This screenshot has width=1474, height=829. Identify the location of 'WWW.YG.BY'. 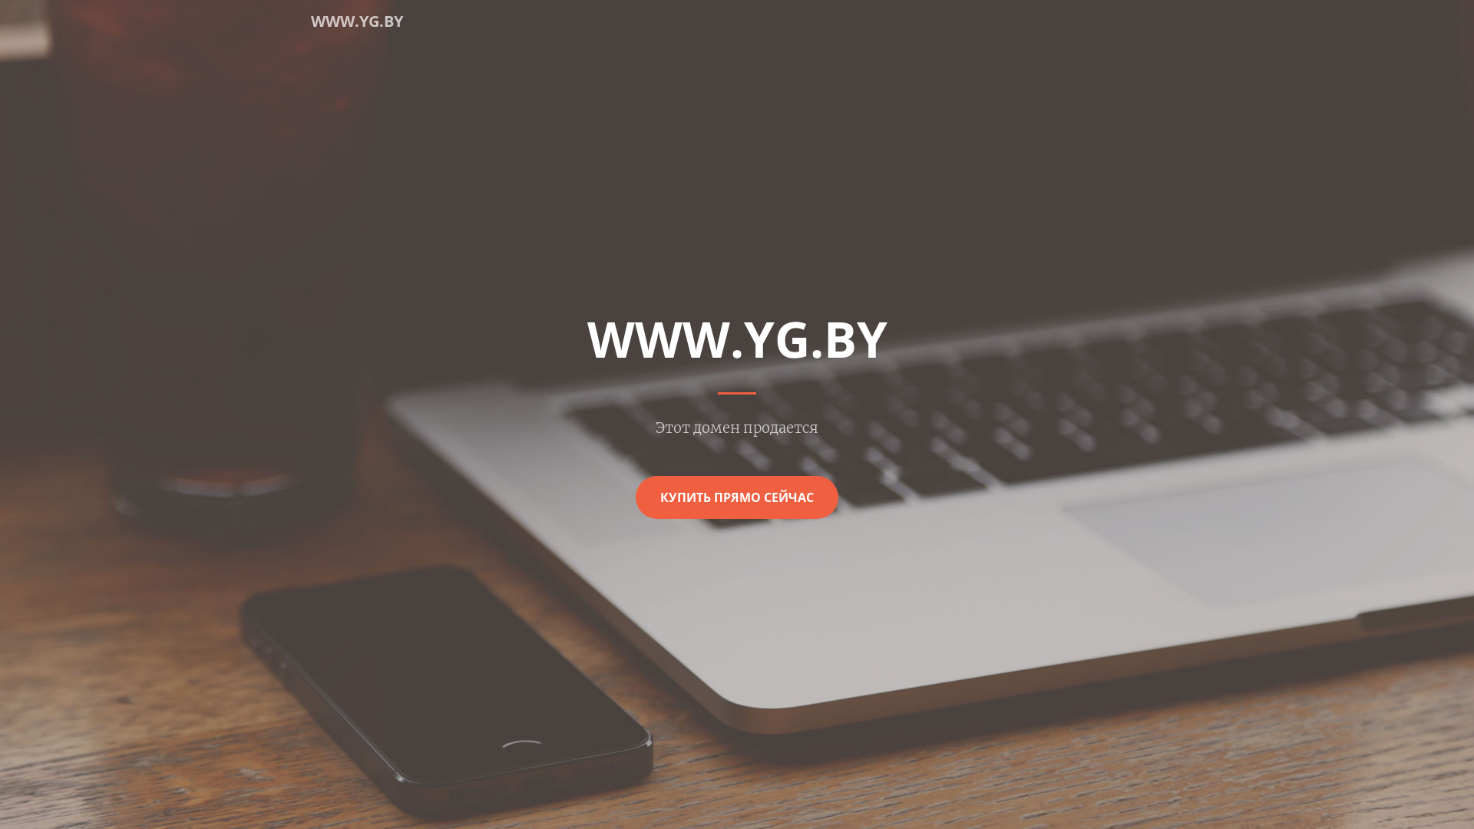
(356, 21).